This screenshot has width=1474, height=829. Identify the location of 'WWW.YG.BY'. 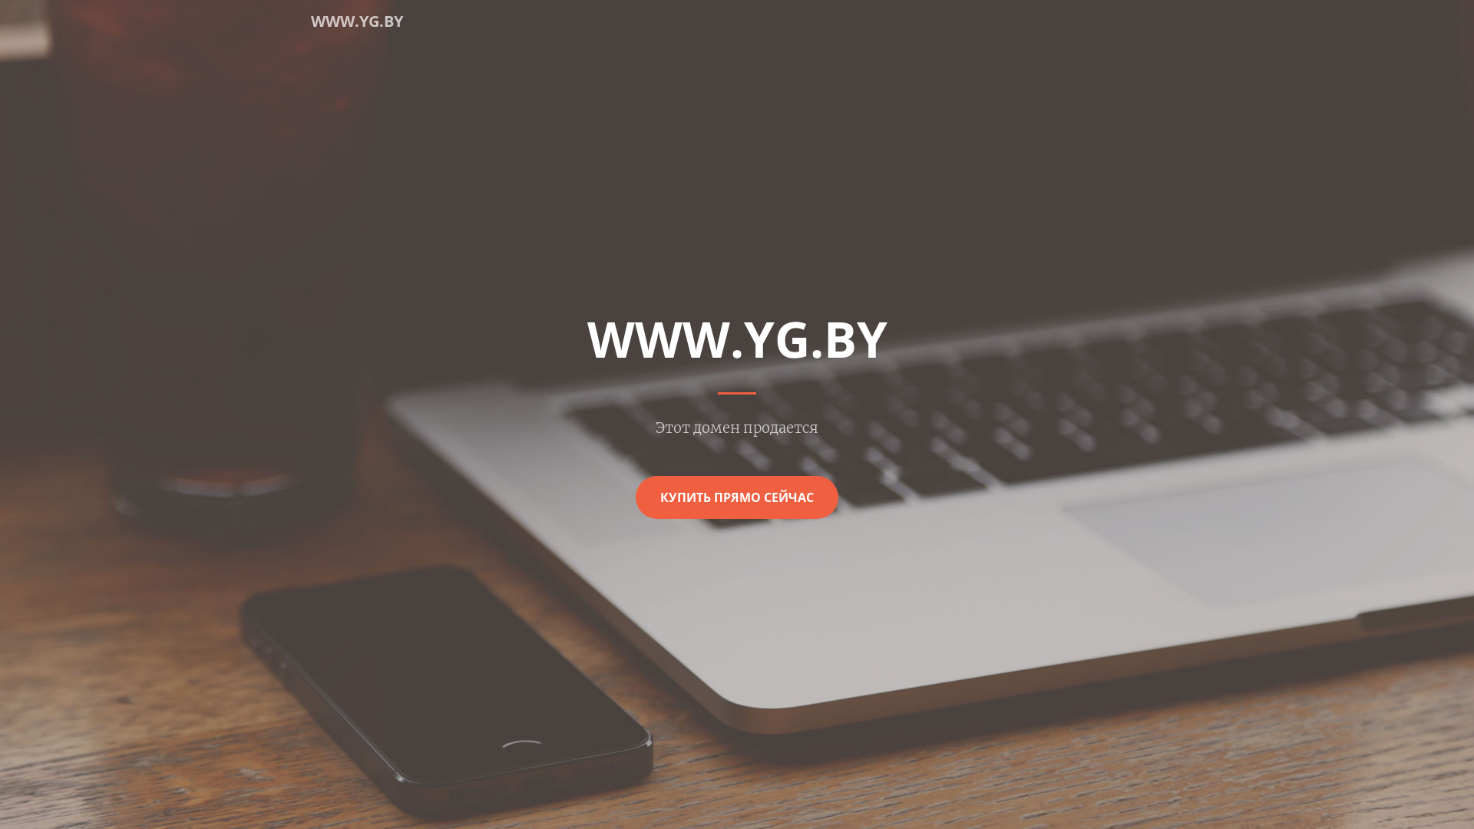
(356, 21).